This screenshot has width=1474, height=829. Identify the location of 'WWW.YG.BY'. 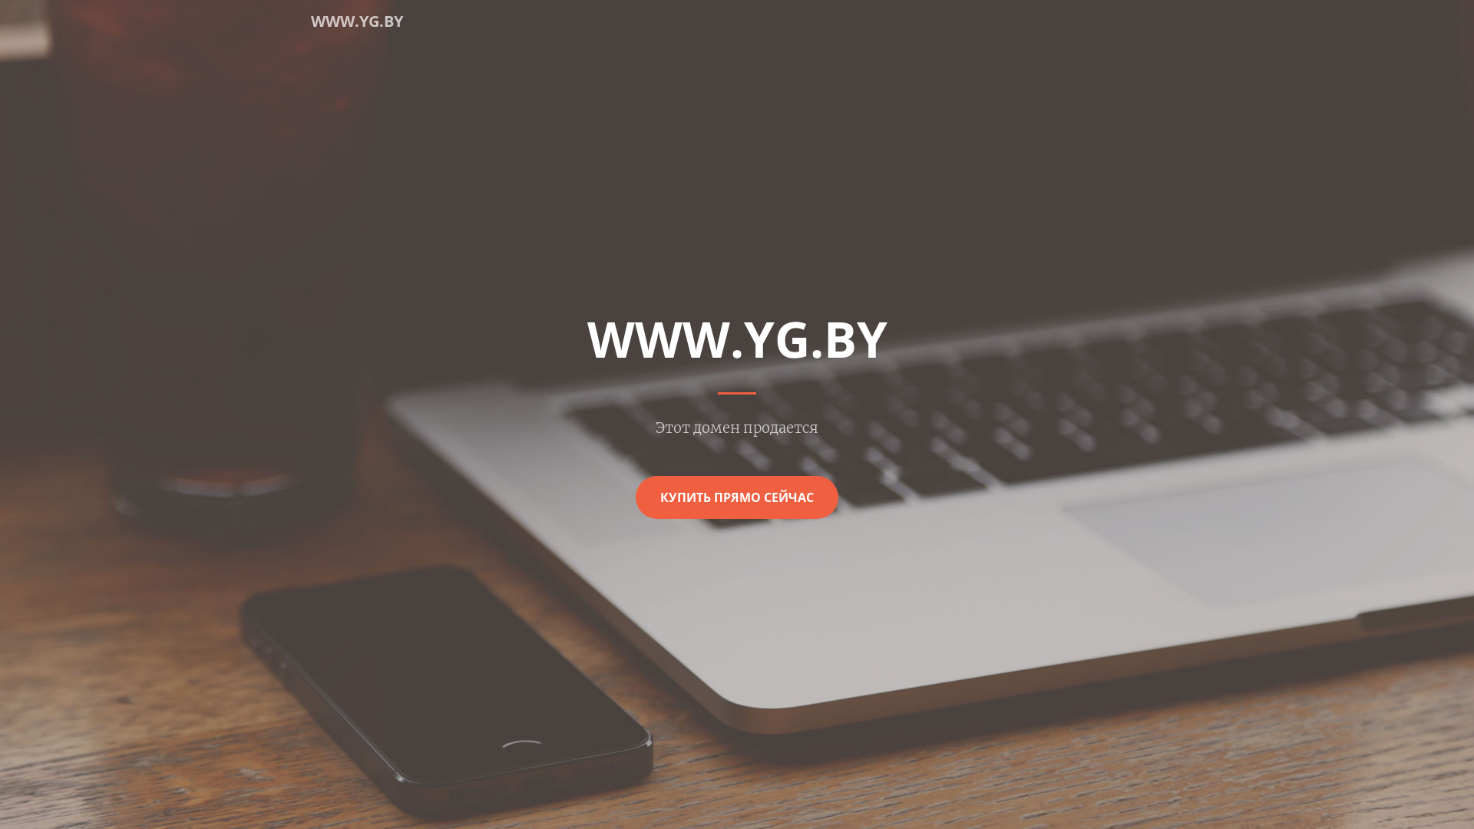
(356, 21).